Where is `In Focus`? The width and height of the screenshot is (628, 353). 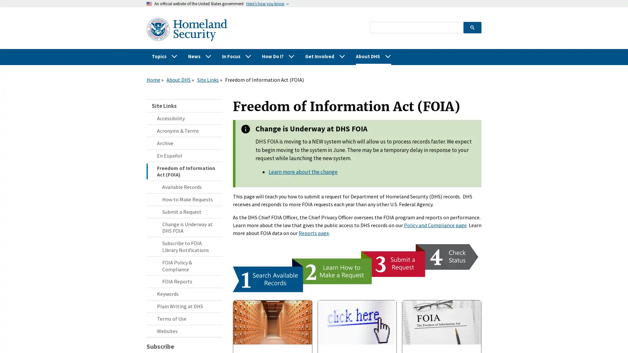
In Focus is located at coordinates (236, 56).